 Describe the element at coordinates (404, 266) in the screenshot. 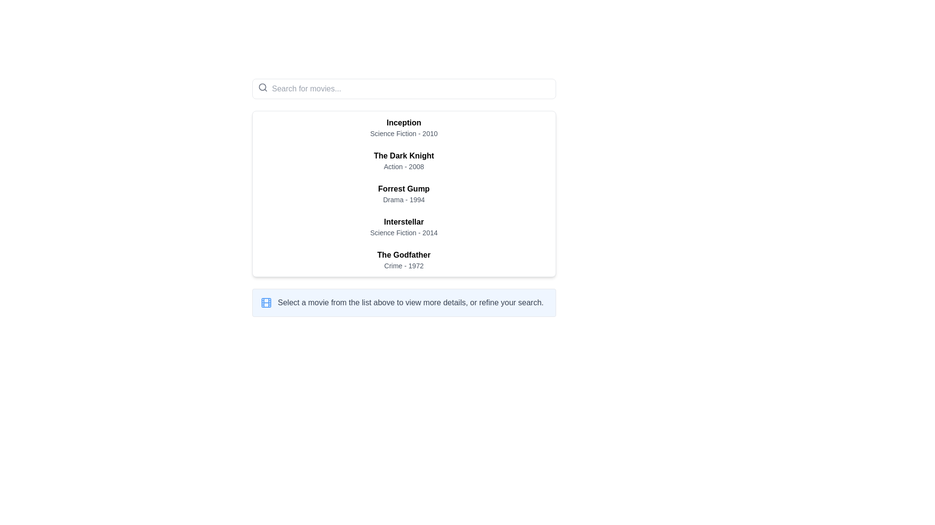

I see `the text label providing metadata about the movie 'The Godfather', which includes its genre 'Crime' and release year '1972', located centrally below the title` at that location.